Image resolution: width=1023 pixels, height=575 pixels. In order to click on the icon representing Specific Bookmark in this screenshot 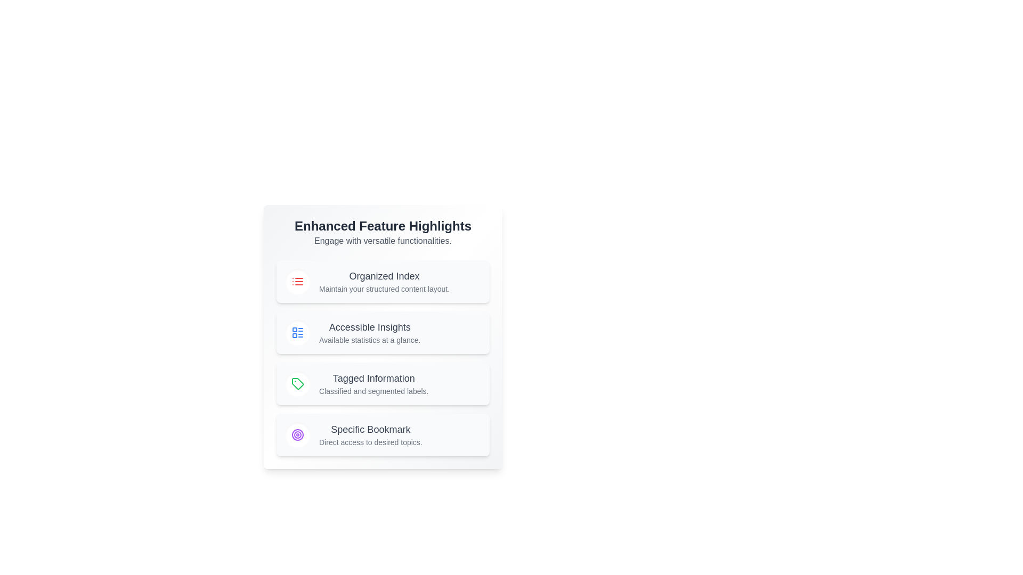, I will do `click(297, 435)`.